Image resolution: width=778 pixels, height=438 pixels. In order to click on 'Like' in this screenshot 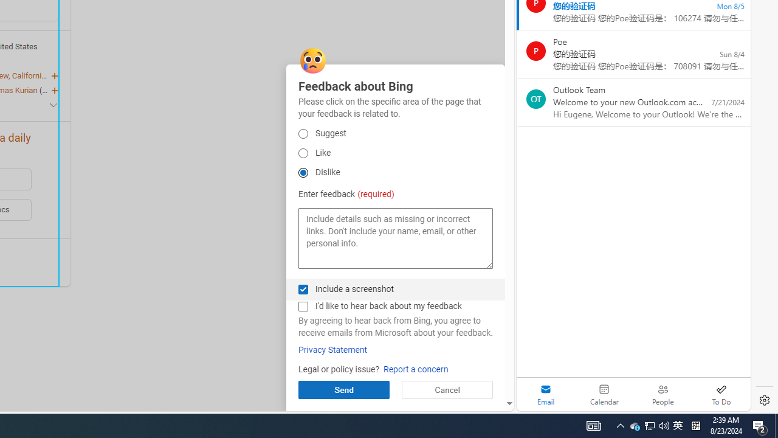, I will do `click(303, 152)`.